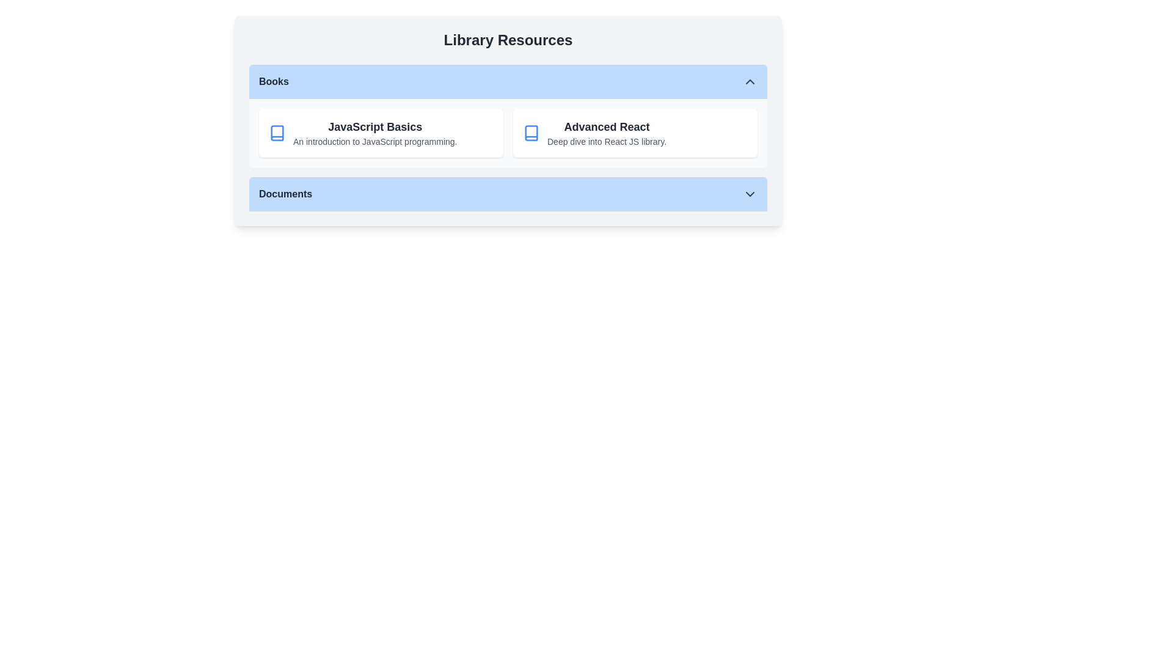 The height and width of the screenshot is (660, 1173). What do you see at coordinates (607, 127) in the screenshot?
I see `the 'Advanced React' text label` at bounding box center [607, 127].